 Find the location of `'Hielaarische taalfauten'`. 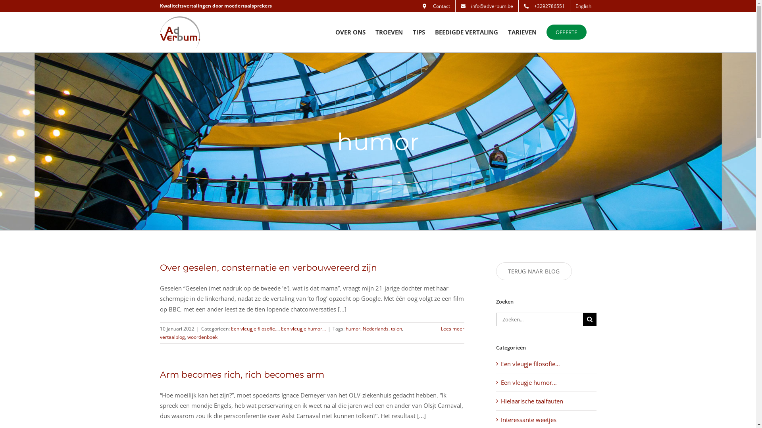

'Hielaarische taalfauten' is located at coordinates (546, 401).